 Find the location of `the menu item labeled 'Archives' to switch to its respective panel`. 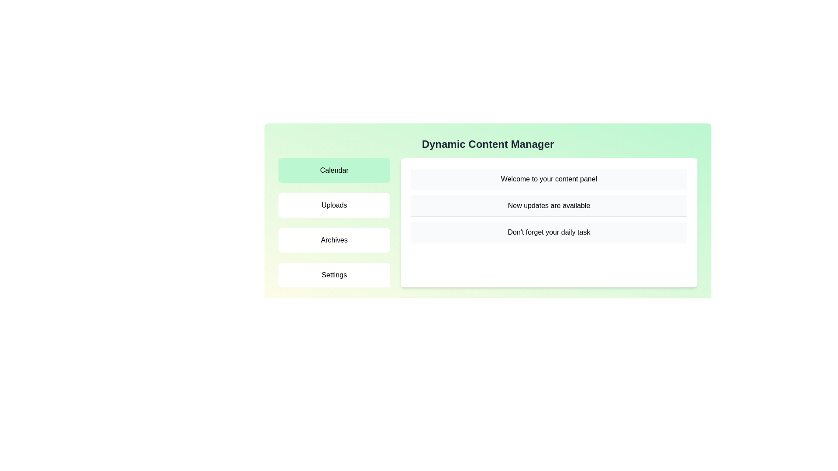

the menu item labeled 'Archives' to switch to its respective panel is located at coordinates (334, 240).